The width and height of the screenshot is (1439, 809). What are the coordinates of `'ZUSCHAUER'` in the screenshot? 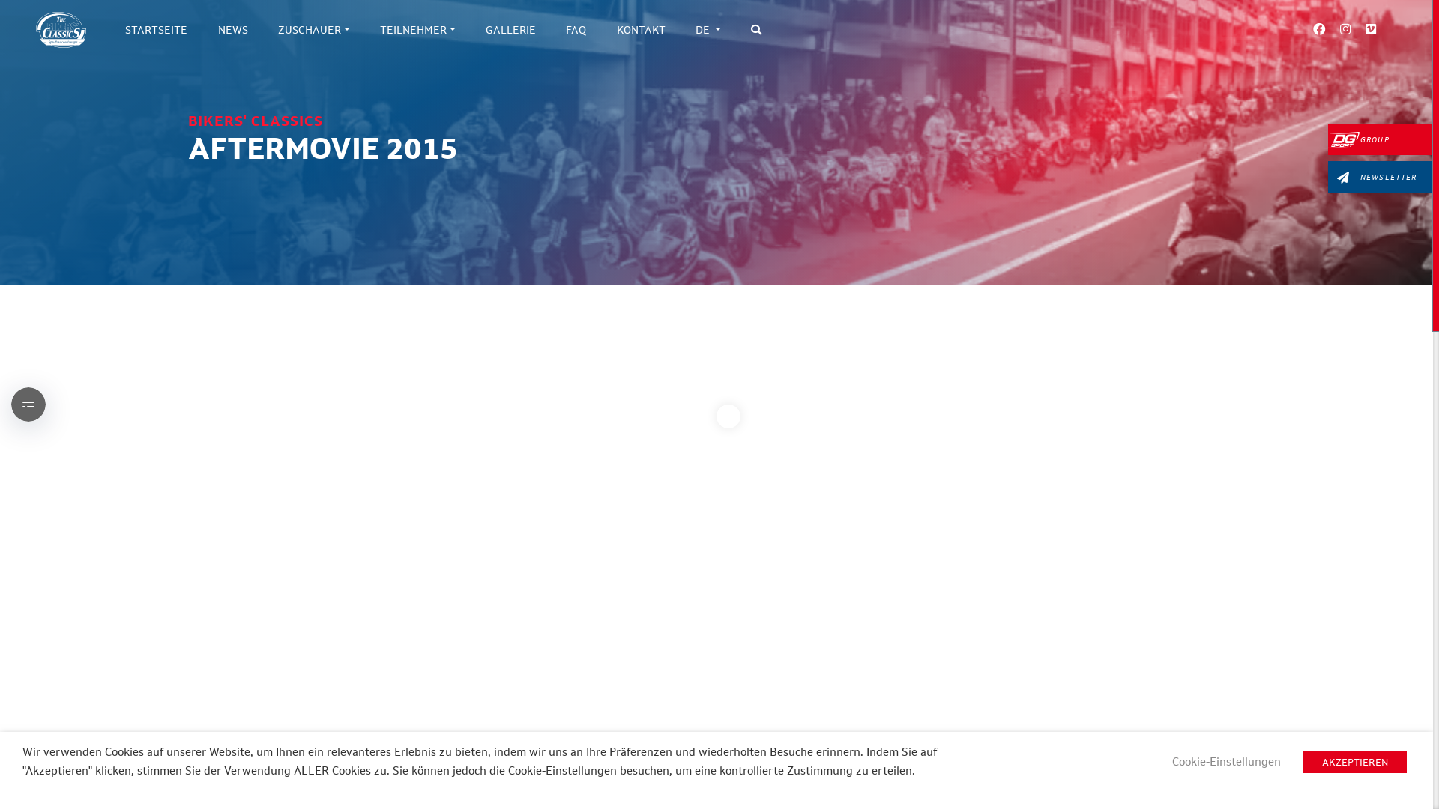 It's located at (262, 29).